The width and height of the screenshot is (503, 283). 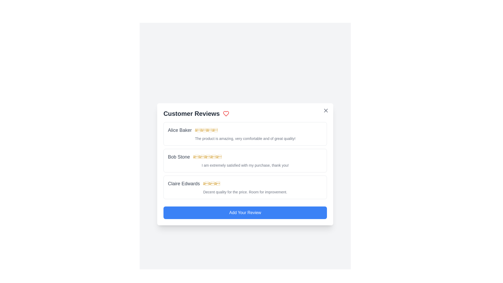 I want to click on the review of Alice Baker to observe any changes, so click(x=245, y=133).